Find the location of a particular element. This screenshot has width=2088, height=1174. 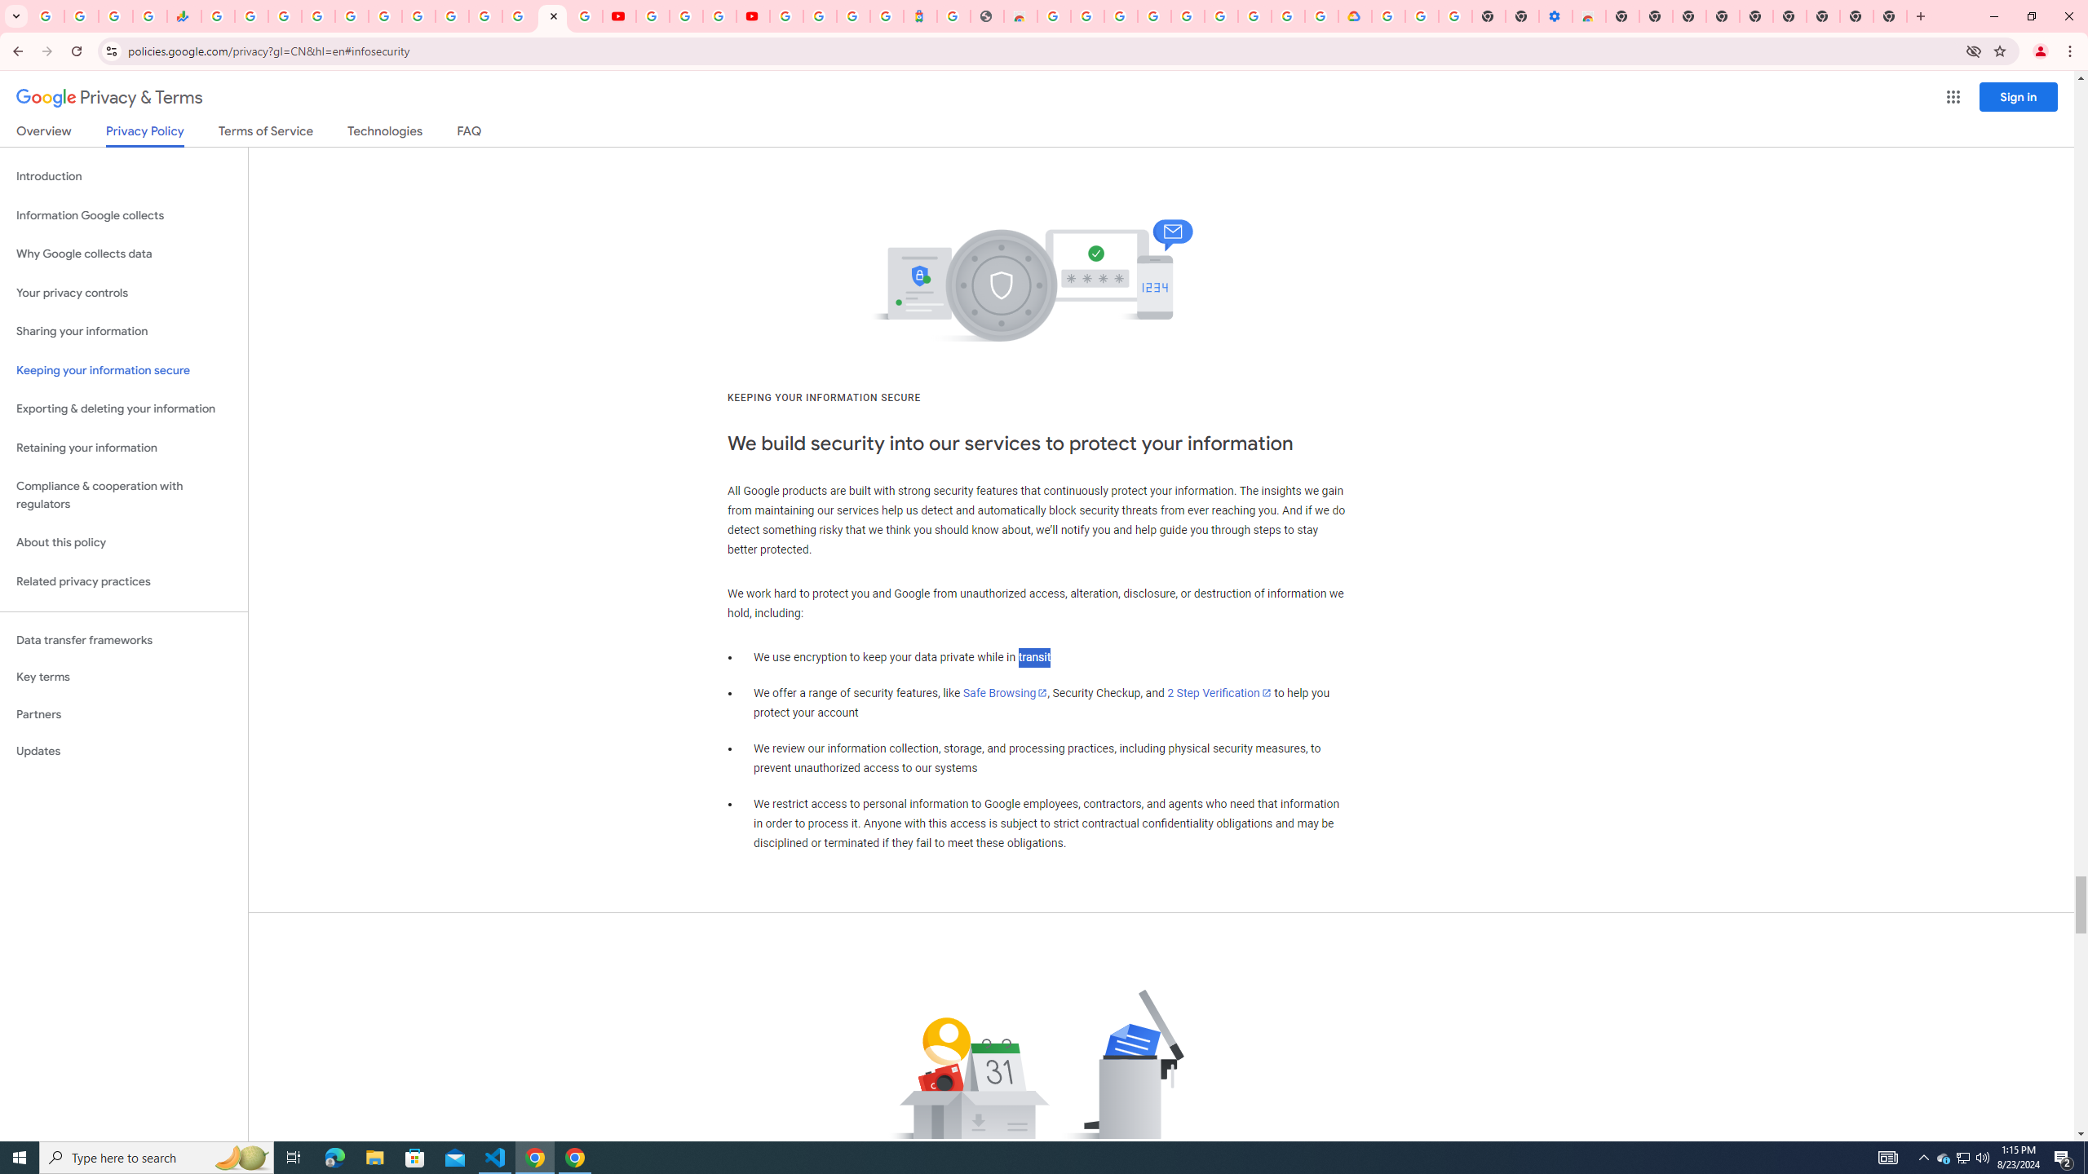

'Why Google collects data' is located at coordinates (123, 253).